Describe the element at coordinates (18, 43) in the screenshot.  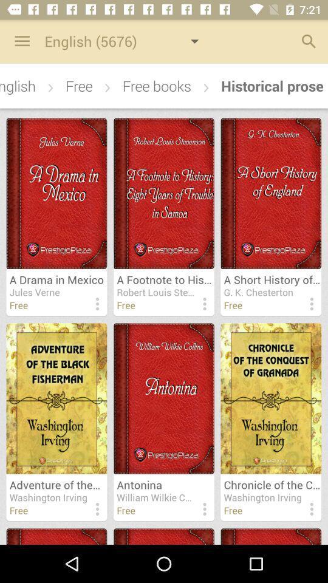
I see `the menu icon` at that location.